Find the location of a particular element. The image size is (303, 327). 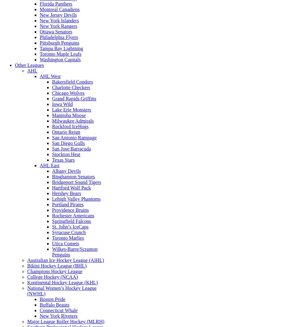

'Other Leagues' is located at coordinates (15, 65).